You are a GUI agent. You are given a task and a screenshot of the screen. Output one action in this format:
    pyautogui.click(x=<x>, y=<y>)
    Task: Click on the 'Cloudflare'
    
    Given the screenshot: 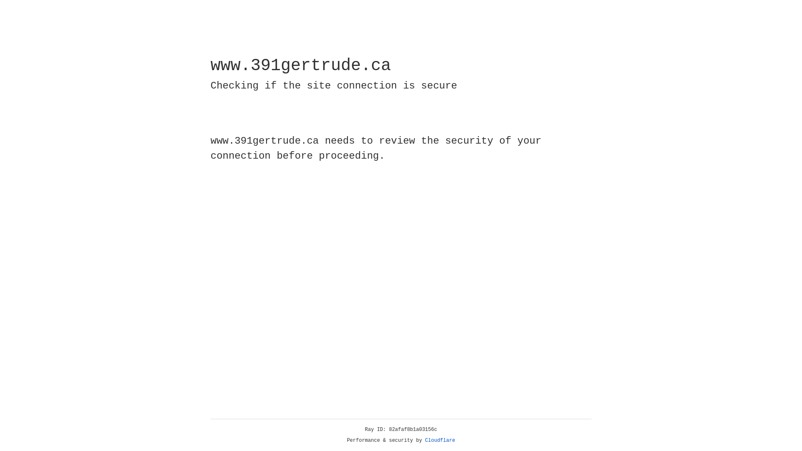 What is the action you would take?
    pyautogui.click(x=425, y=440)
    